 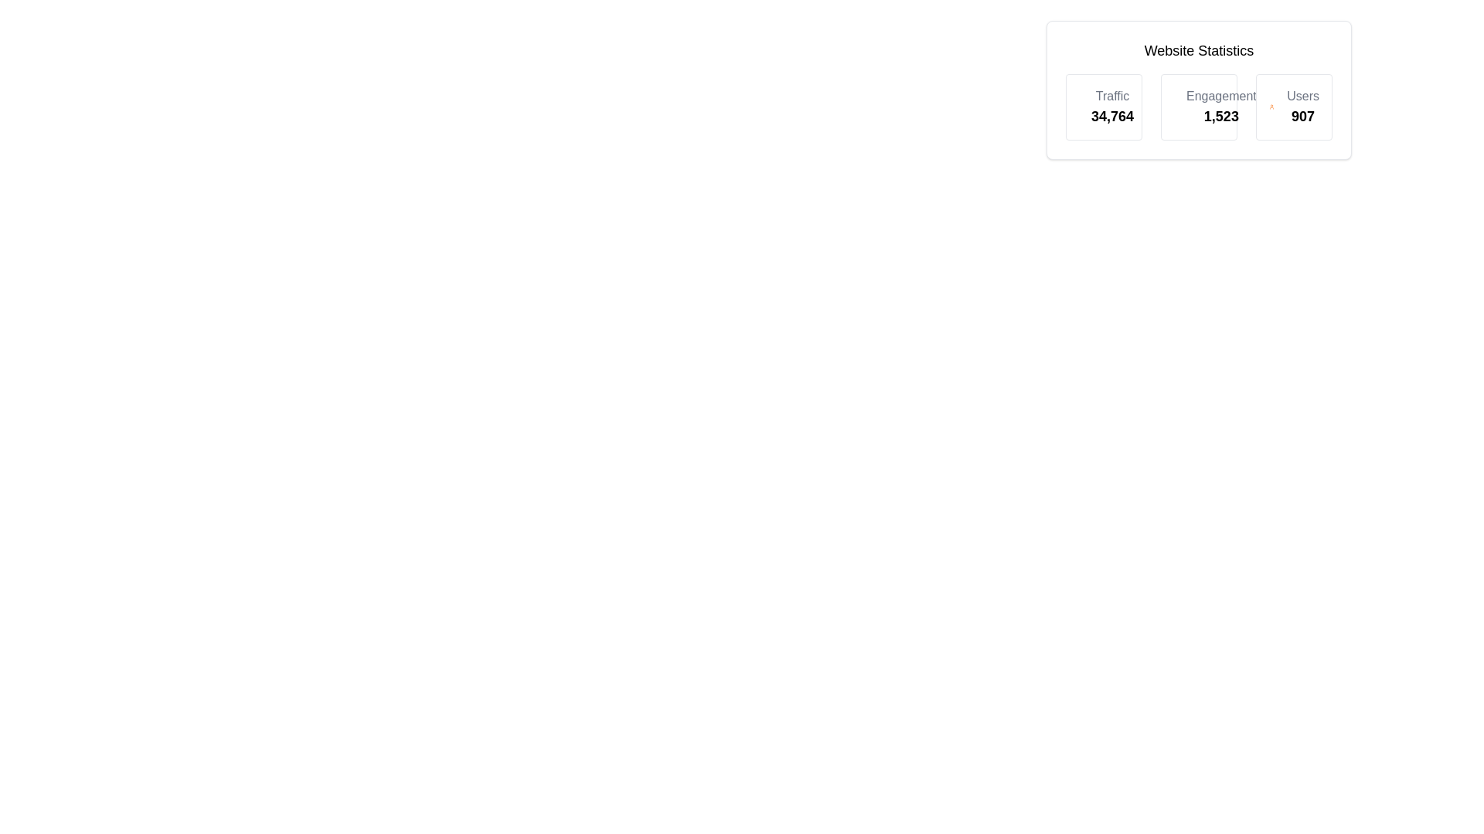 I want to click on the numerical label displaying the value '1,523', which is styled in bold and positioned below the 'Engagement' label in the statistical data section, so click(x=1220, y=115).